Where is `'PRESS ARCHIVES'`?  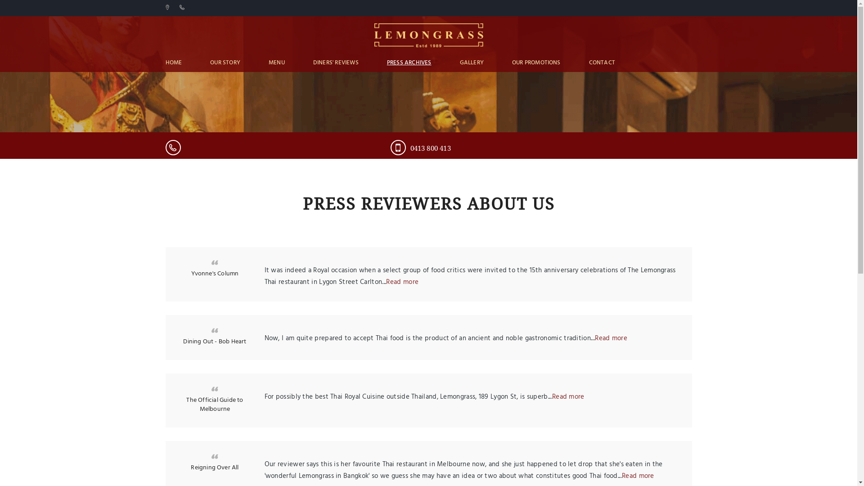 'PRESS ARCHIVES' is located at coordinates (409, 62).